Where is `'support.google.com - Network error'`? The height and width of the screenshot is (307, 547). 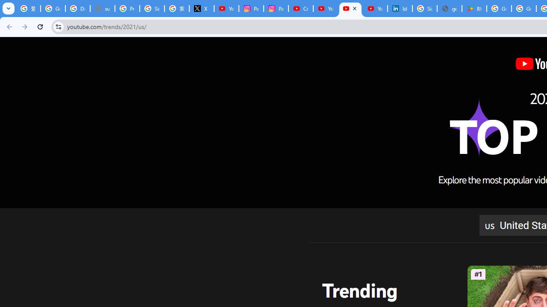 'support.google.com - Network error' is located at coordinates (103, 9).